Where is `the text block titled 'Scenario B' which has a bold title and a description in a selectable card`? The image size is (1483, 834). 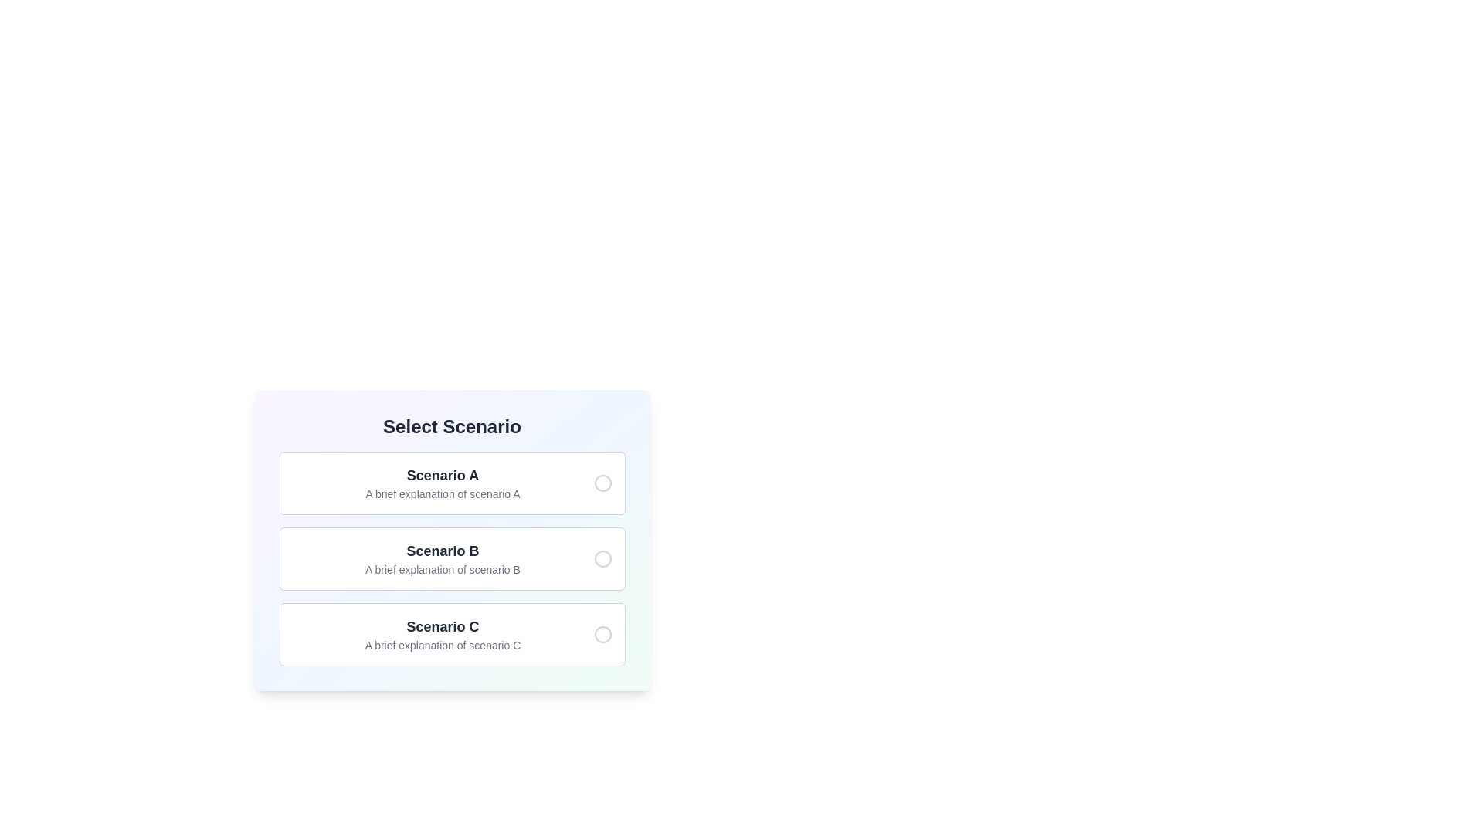
the text block titled 'Scenario B' which has a bold title and a description in a selectable card is located at coordinates (442, 559).